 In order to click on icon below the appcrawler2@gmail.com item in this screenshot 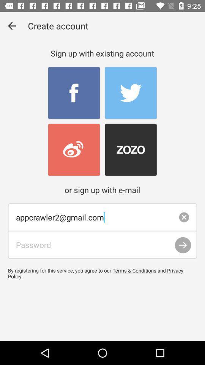, I will do `click(102, 244)`.